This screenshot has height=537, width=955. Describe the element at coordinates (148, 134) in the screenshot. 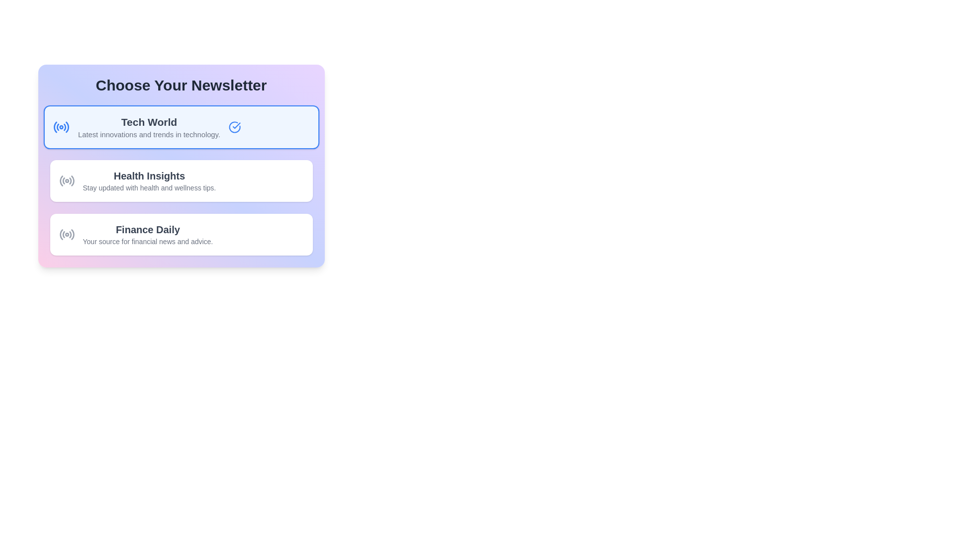

I see `the text label displaying 'Latest innovations and trends in technology.'` at that location.